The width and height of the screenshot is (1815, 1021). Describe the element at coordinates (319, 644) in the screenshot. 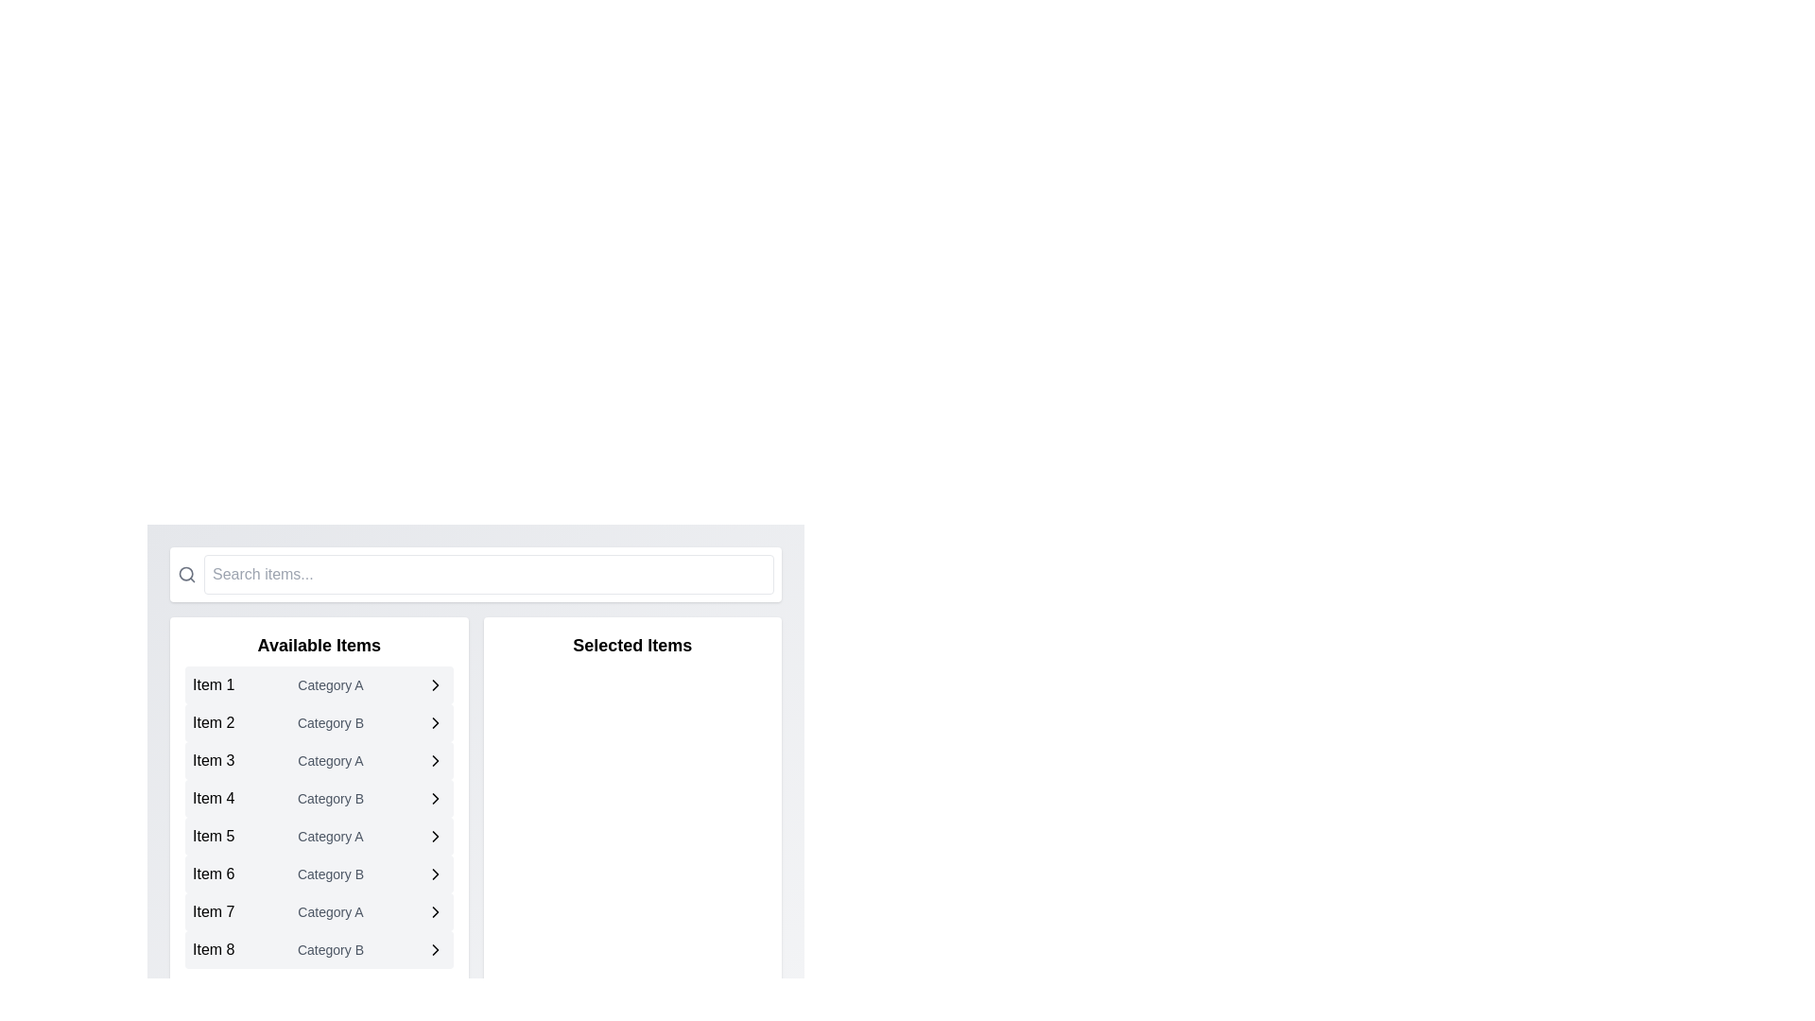

I see `text content of the header element that serves as the title for the list of items displayed beneath it` at that location.